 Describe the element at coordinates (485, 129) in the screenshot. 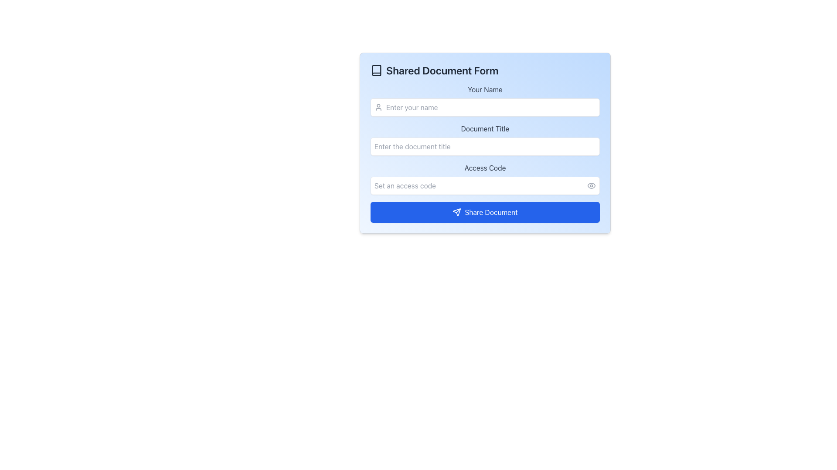

I see `the text label that reads 'Document Title', which is styled in gray color and positioned centrally within a blue-shaded form, located above the input field for document title` at that location.